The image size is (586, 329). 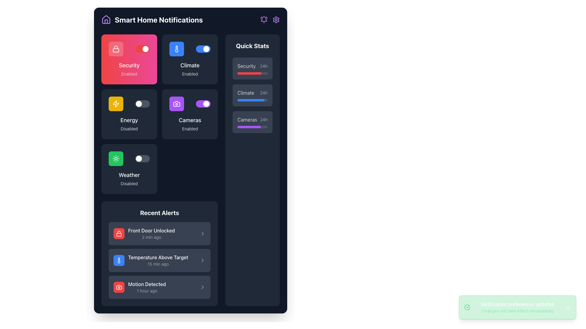 What do you see at coordinates (119, 260) in the screenshot?
I see `the Icon button that indicates an alert for temperature being above the target threshold, located in the 'Recent Alerts' section beneath the 'Weather' tile` at bounding box center [119, 260].